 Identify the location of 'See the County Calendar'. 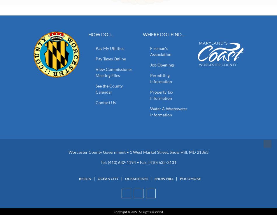
(108, 89).